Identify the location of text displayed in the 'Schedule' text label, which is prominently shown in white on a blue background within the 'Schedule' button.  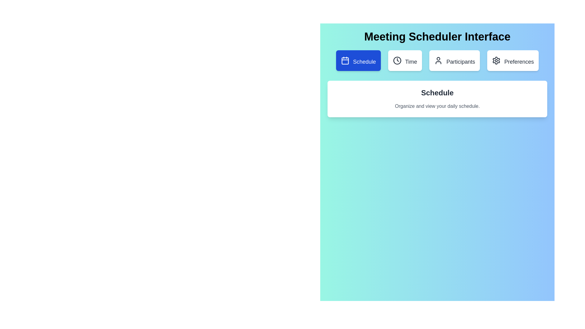
(364, 62).